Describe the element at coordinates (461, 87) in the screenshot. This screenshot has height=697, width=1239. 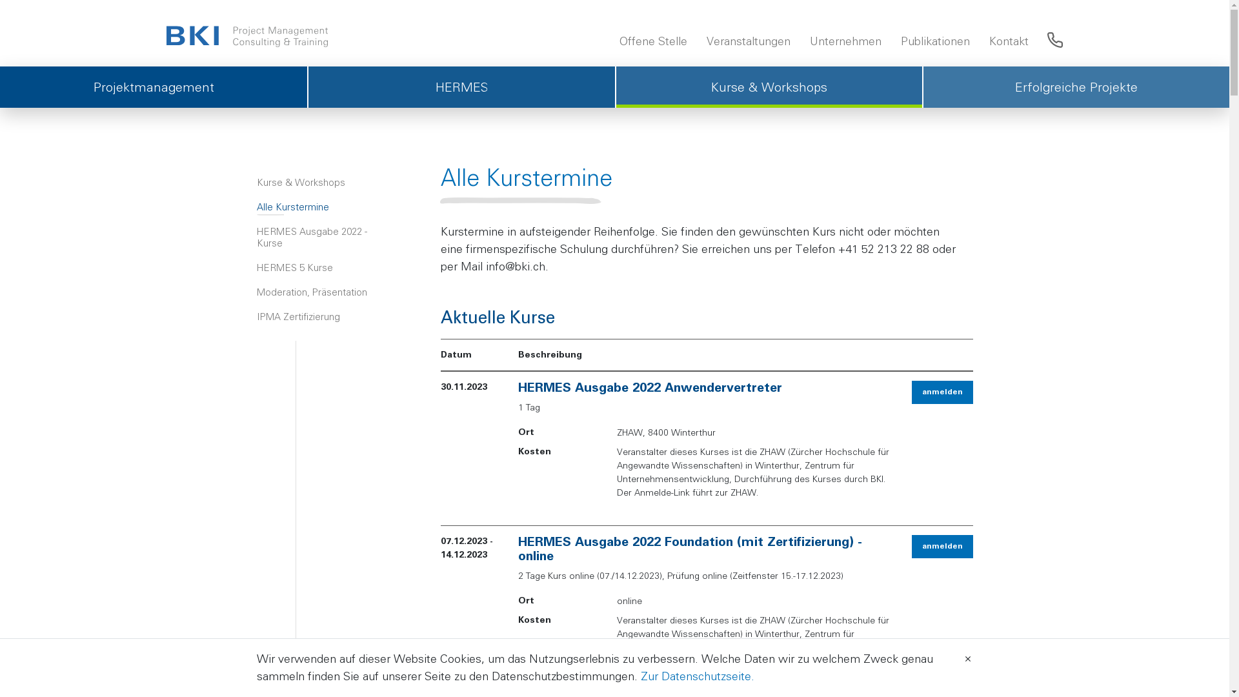
I see `'HERMES'` at that location.